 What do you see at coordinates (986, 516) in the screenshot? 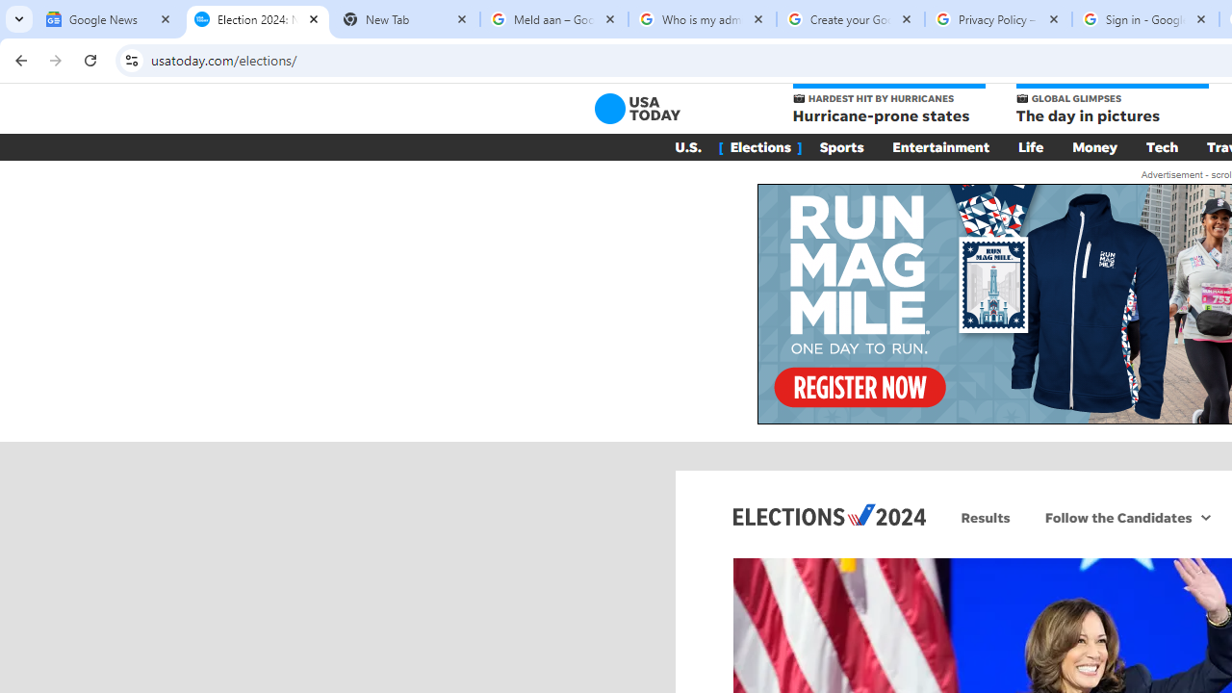
I see `'Results'` at bounding box center [986, 516].